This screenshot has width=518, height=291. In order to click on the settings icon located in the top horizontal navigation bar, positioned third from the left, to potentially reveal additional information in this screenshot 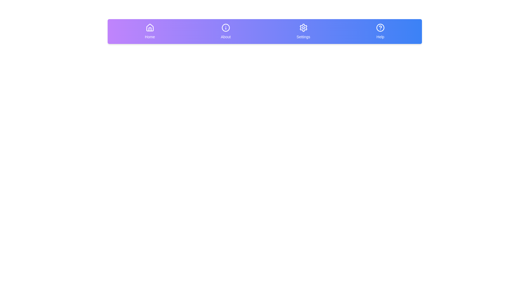, I will do `click(303, 28)`.